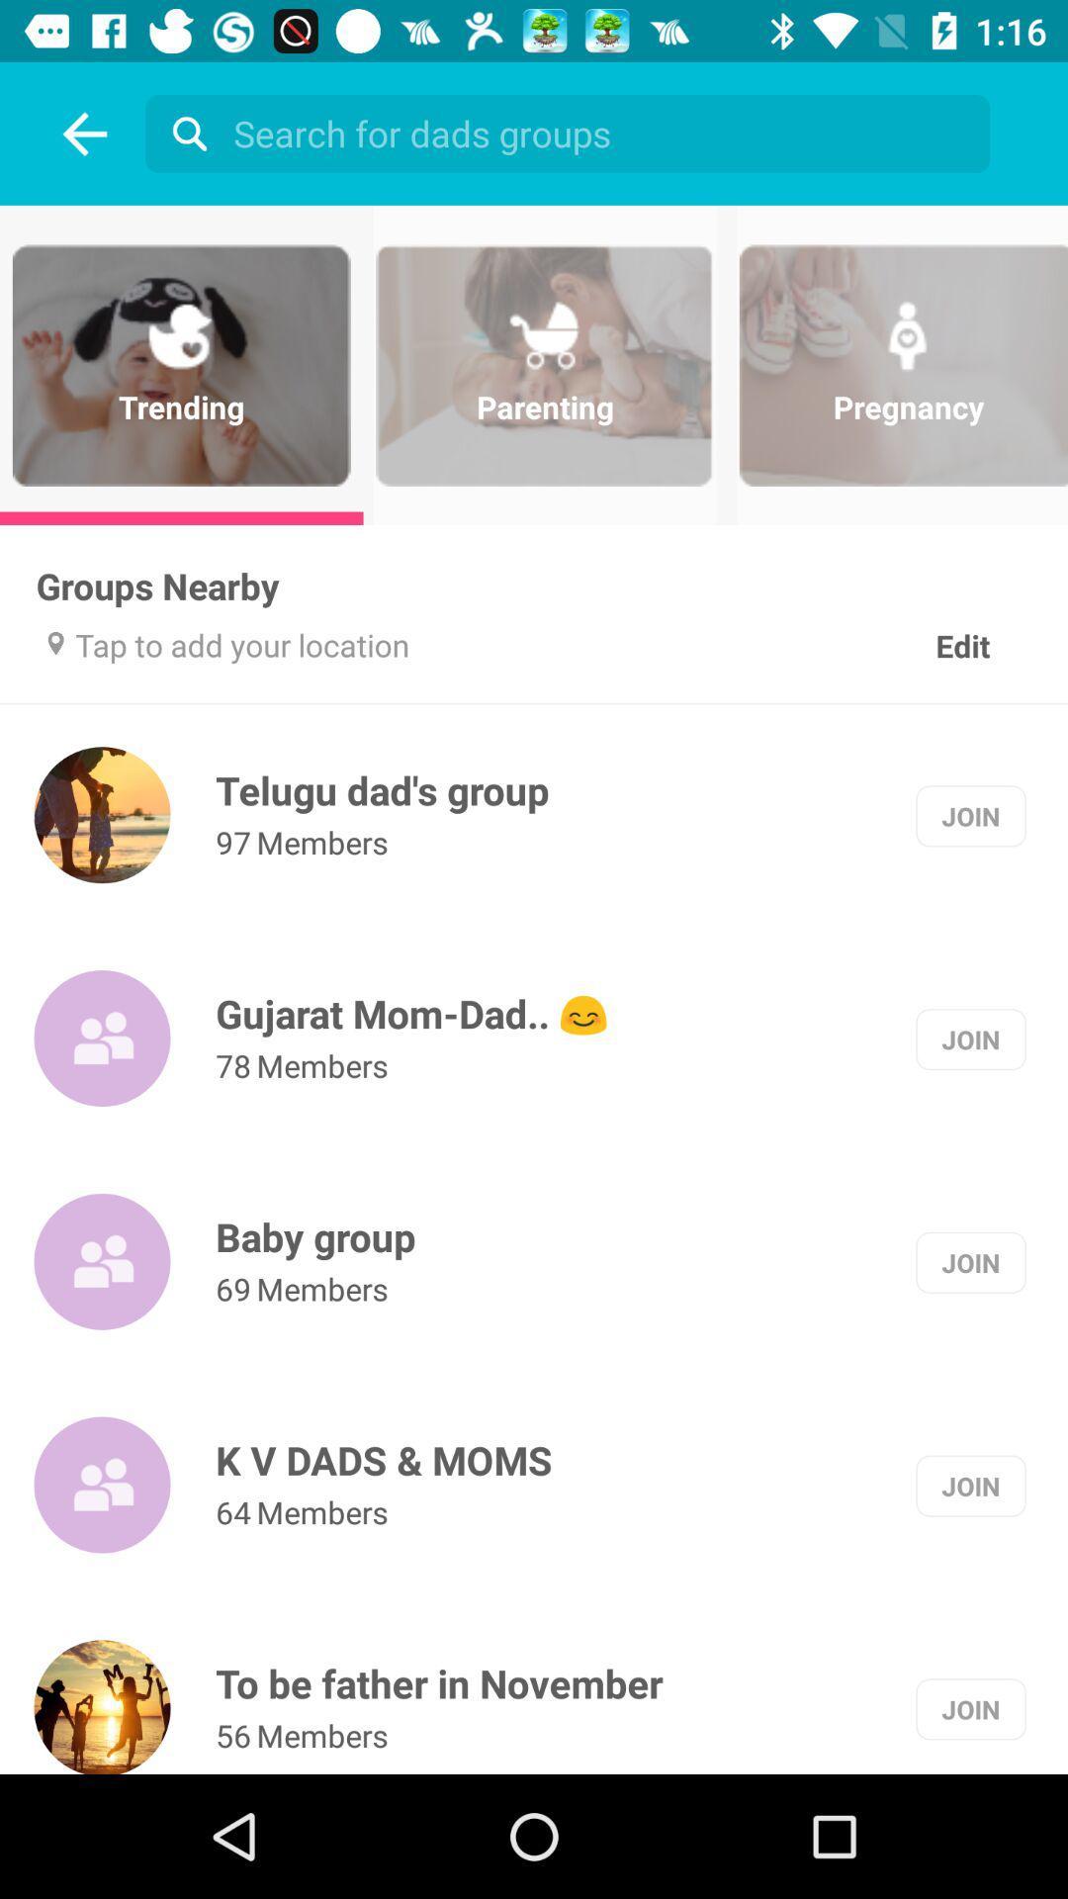 The image size is (1068, 1899). I want to click on search terms, so click(573, 132).